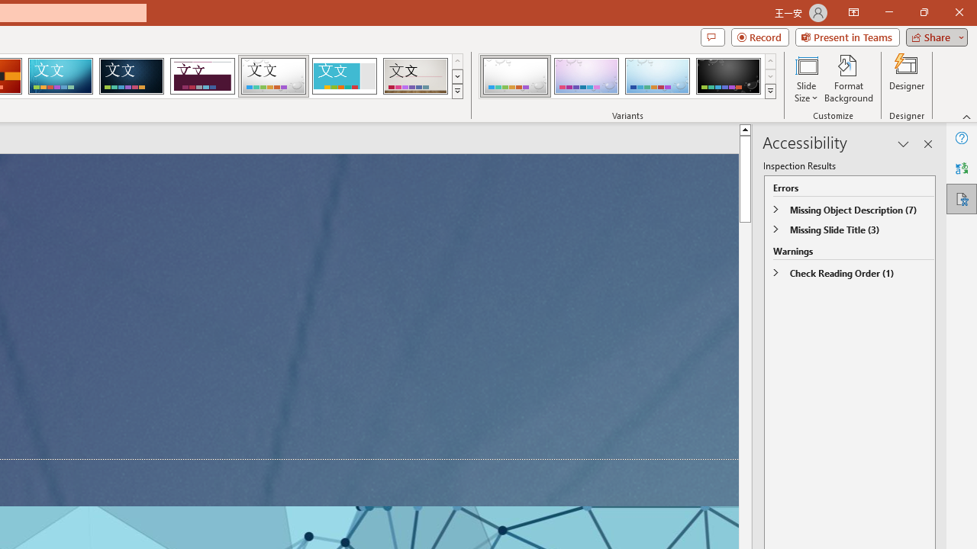 This screenshot has width=977, height=549. Describe the element at coordinates (515, 76) in the screenshot. I see `'Droplet Variant 1'` at that location.